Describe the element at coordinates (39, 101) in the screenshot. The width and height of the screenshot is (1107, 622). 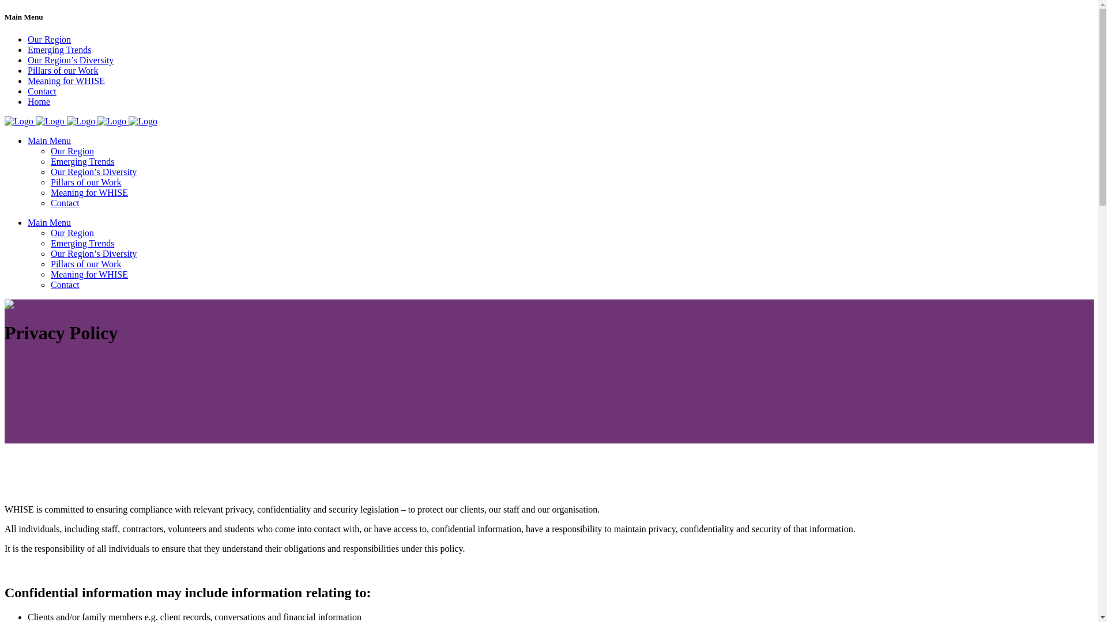
I see `'Home'` at that location.